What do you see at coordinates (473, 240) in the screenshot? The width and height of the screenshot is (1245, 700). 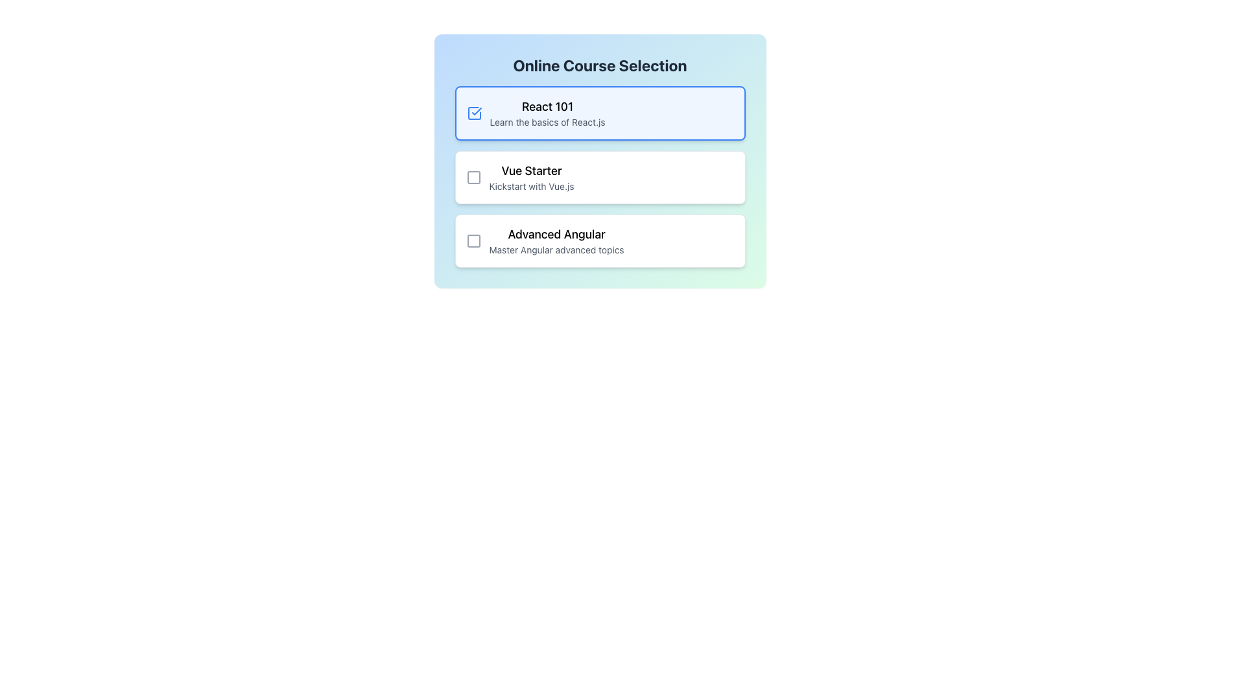 I see `the unselected checkbox aligned with the text 'Advanced Angular'` at bounding box center [473, 240].